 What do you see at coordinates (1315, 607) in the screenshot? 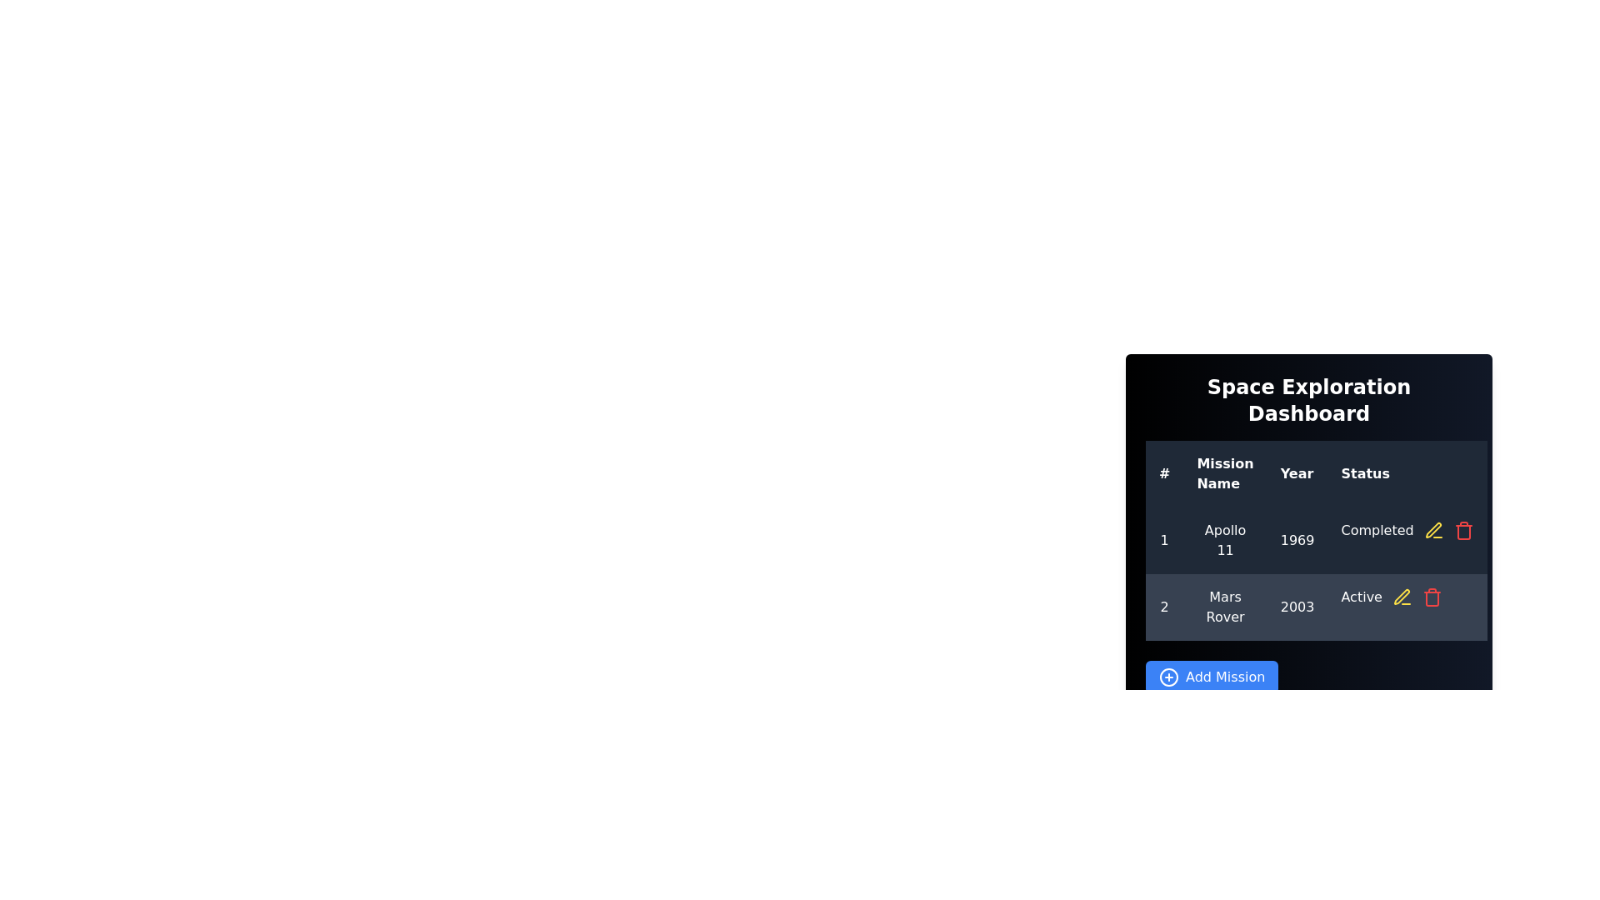
I see `the second row in the table under the 'Space Exploration Dashboard' that displays mission details, including the mission number, name, year, and status, located below the 'Apollo 11' row` at bounding box center [1315, 607].